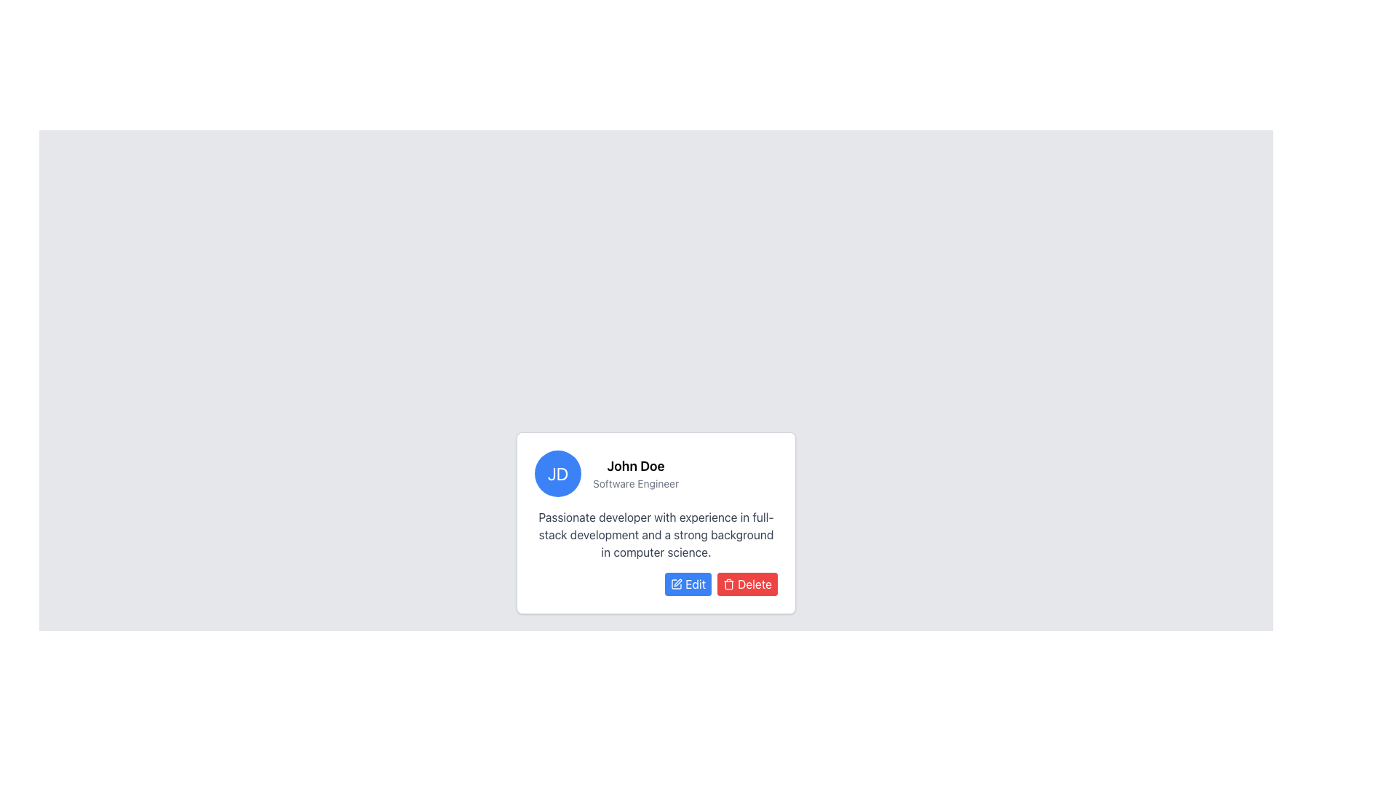 The width and height of the screenshot is (1397, 786). What do you see at coordinates (656, 583) in the screenshot?
I see `the 'Edit' button located at the bottom-right section of John Doe's profile card to initiate editing` at bounding box center [656, 583].